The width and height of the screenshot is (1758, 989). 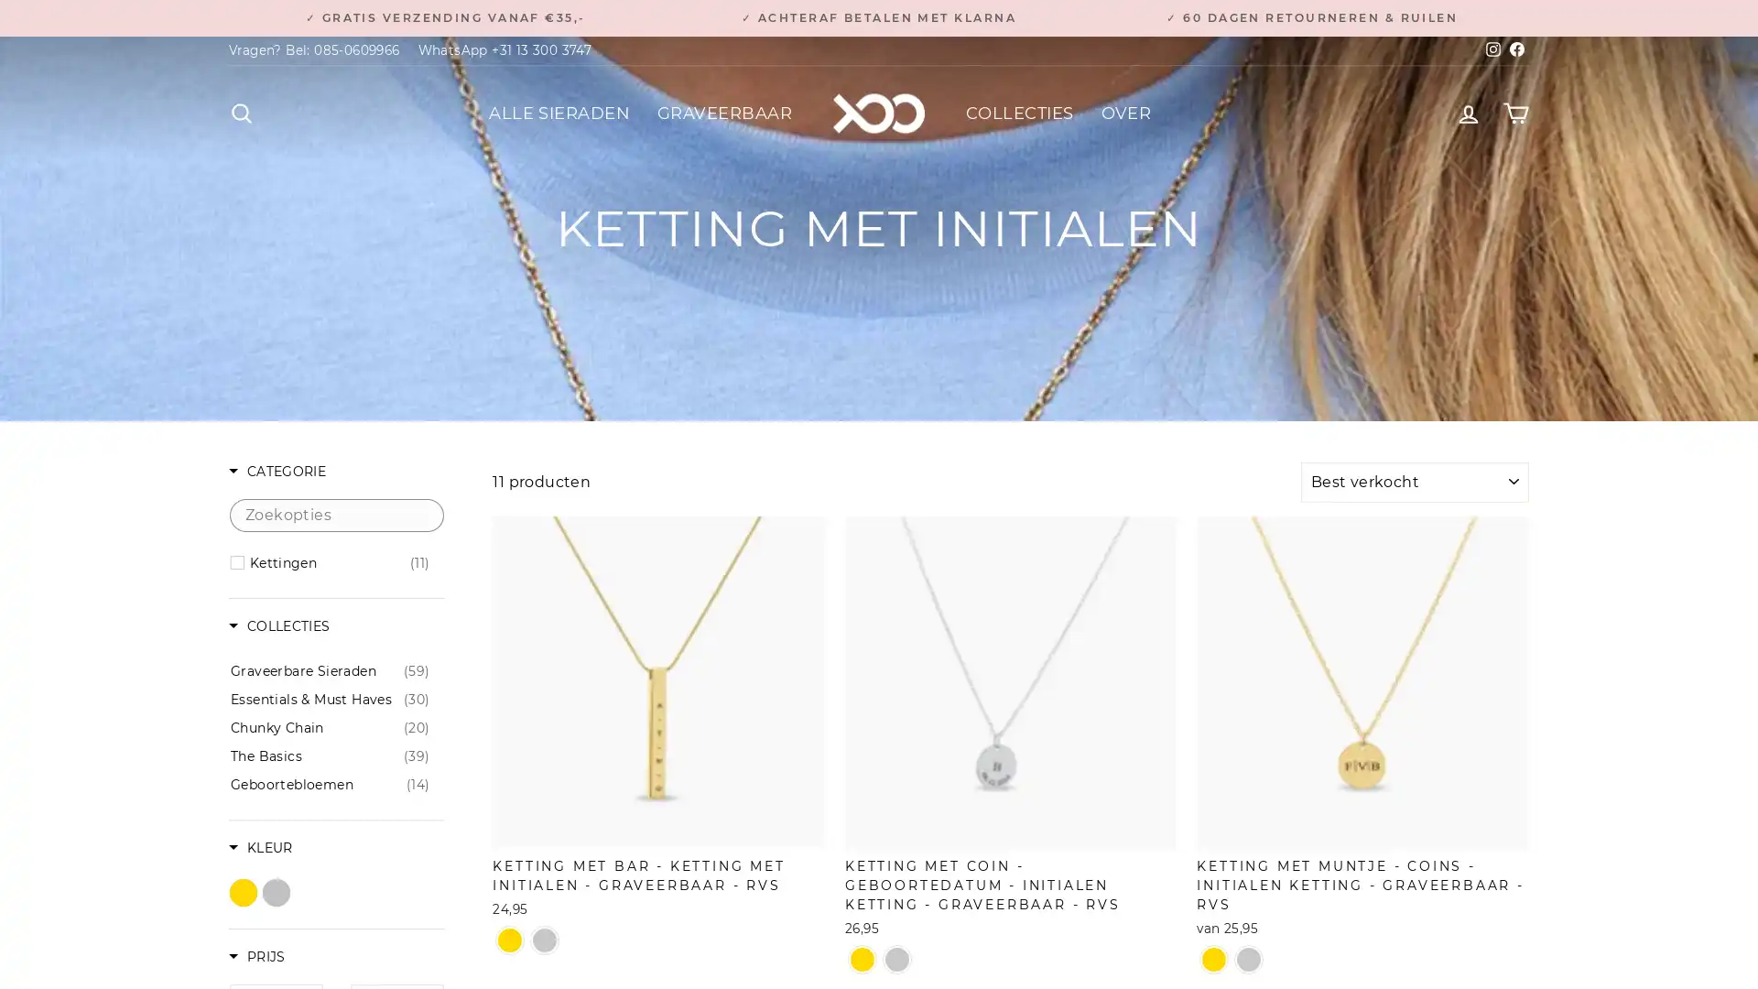 What do you see at coordinates (255, 957) in the screenshot?
I see `Filter by Prijs` at bounding box center [255, 957].